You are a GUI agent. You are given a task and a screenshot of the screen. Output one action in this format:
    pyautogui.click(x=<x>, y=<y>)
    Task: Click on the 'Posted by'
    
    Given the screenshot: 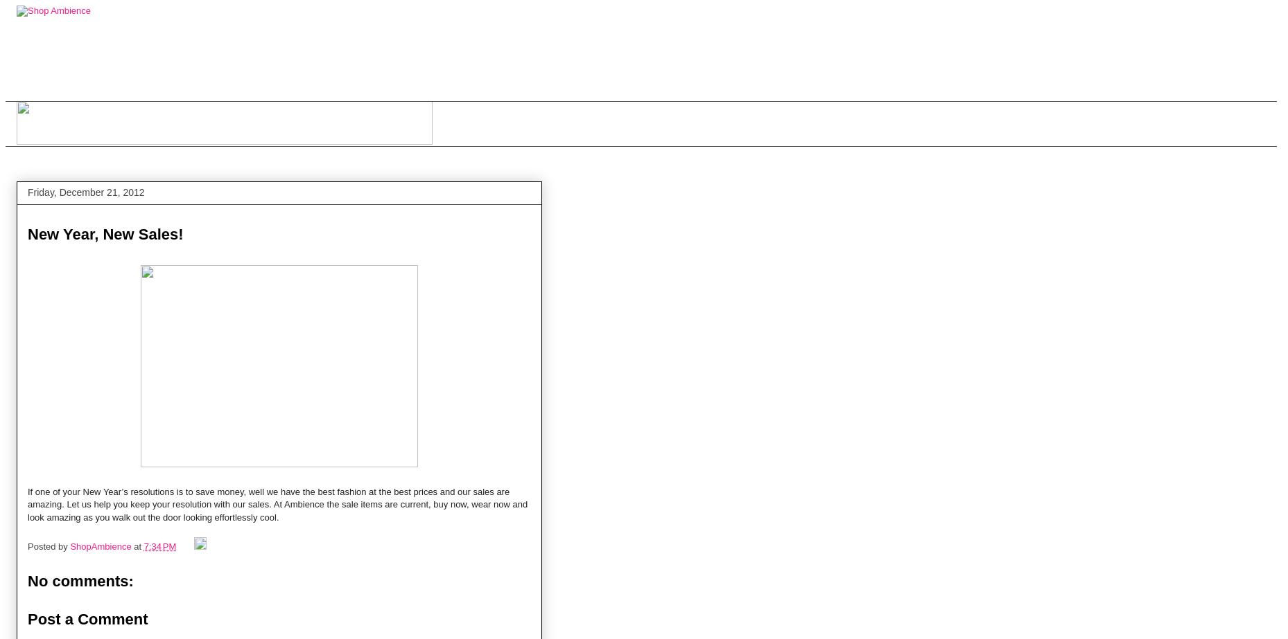 What is the action you would take?
    pyautogui.click(x=48, y=546)
    